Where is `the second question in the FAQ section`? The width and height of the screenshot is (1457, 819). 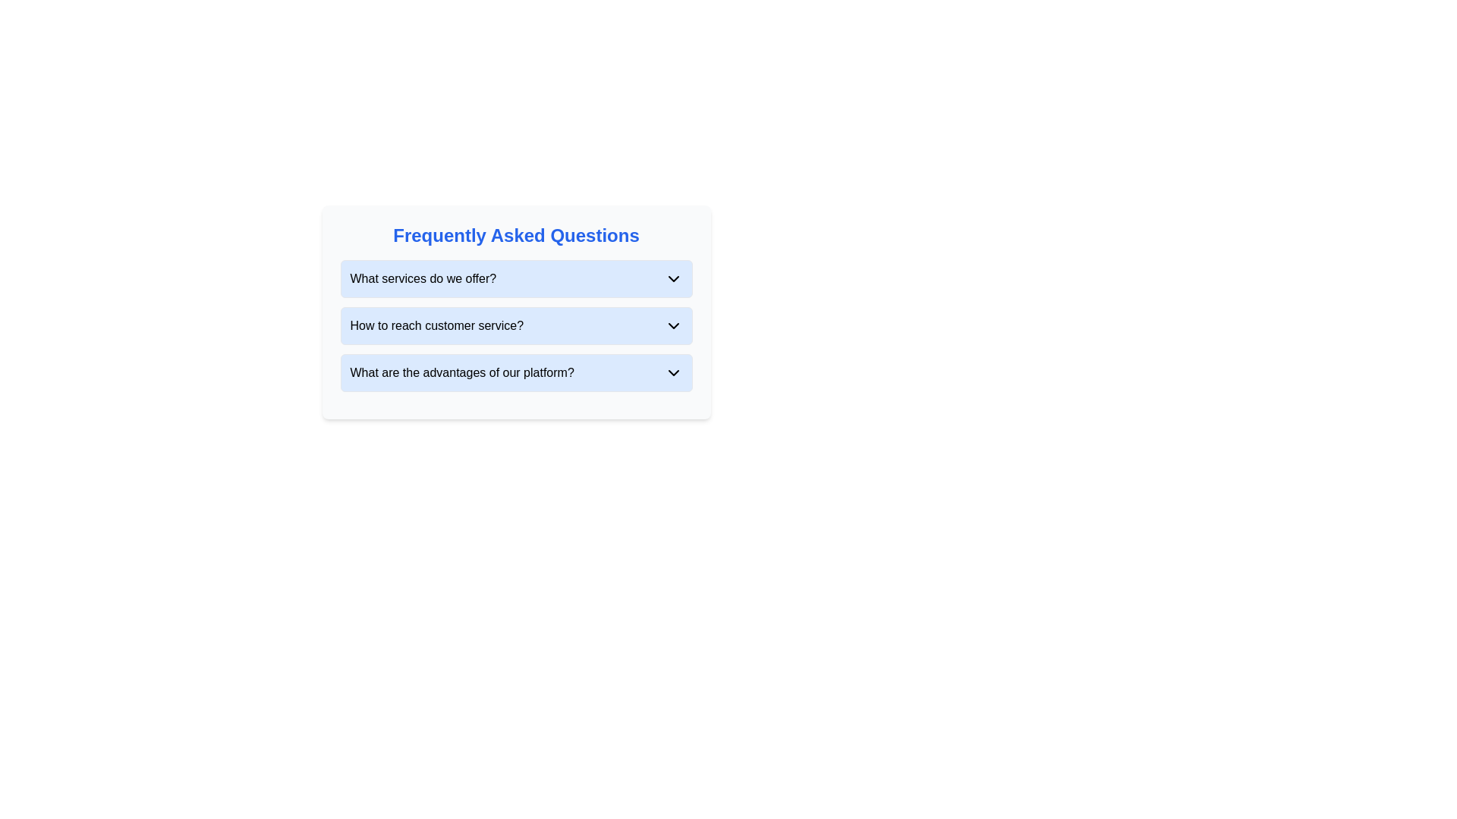
the second question in the FAQ section is located at coordinates (516, 325).